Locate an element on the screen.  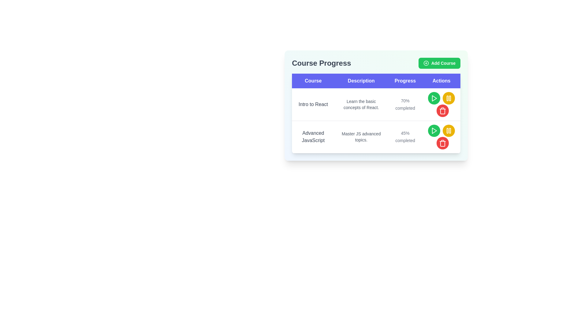
the text element displaying 'Master JS advanced topics.' which is located under the 'Description' column in the 'Course Progress' table for the course 'Advanced JavaScript' is located at coordinates (361, 137).